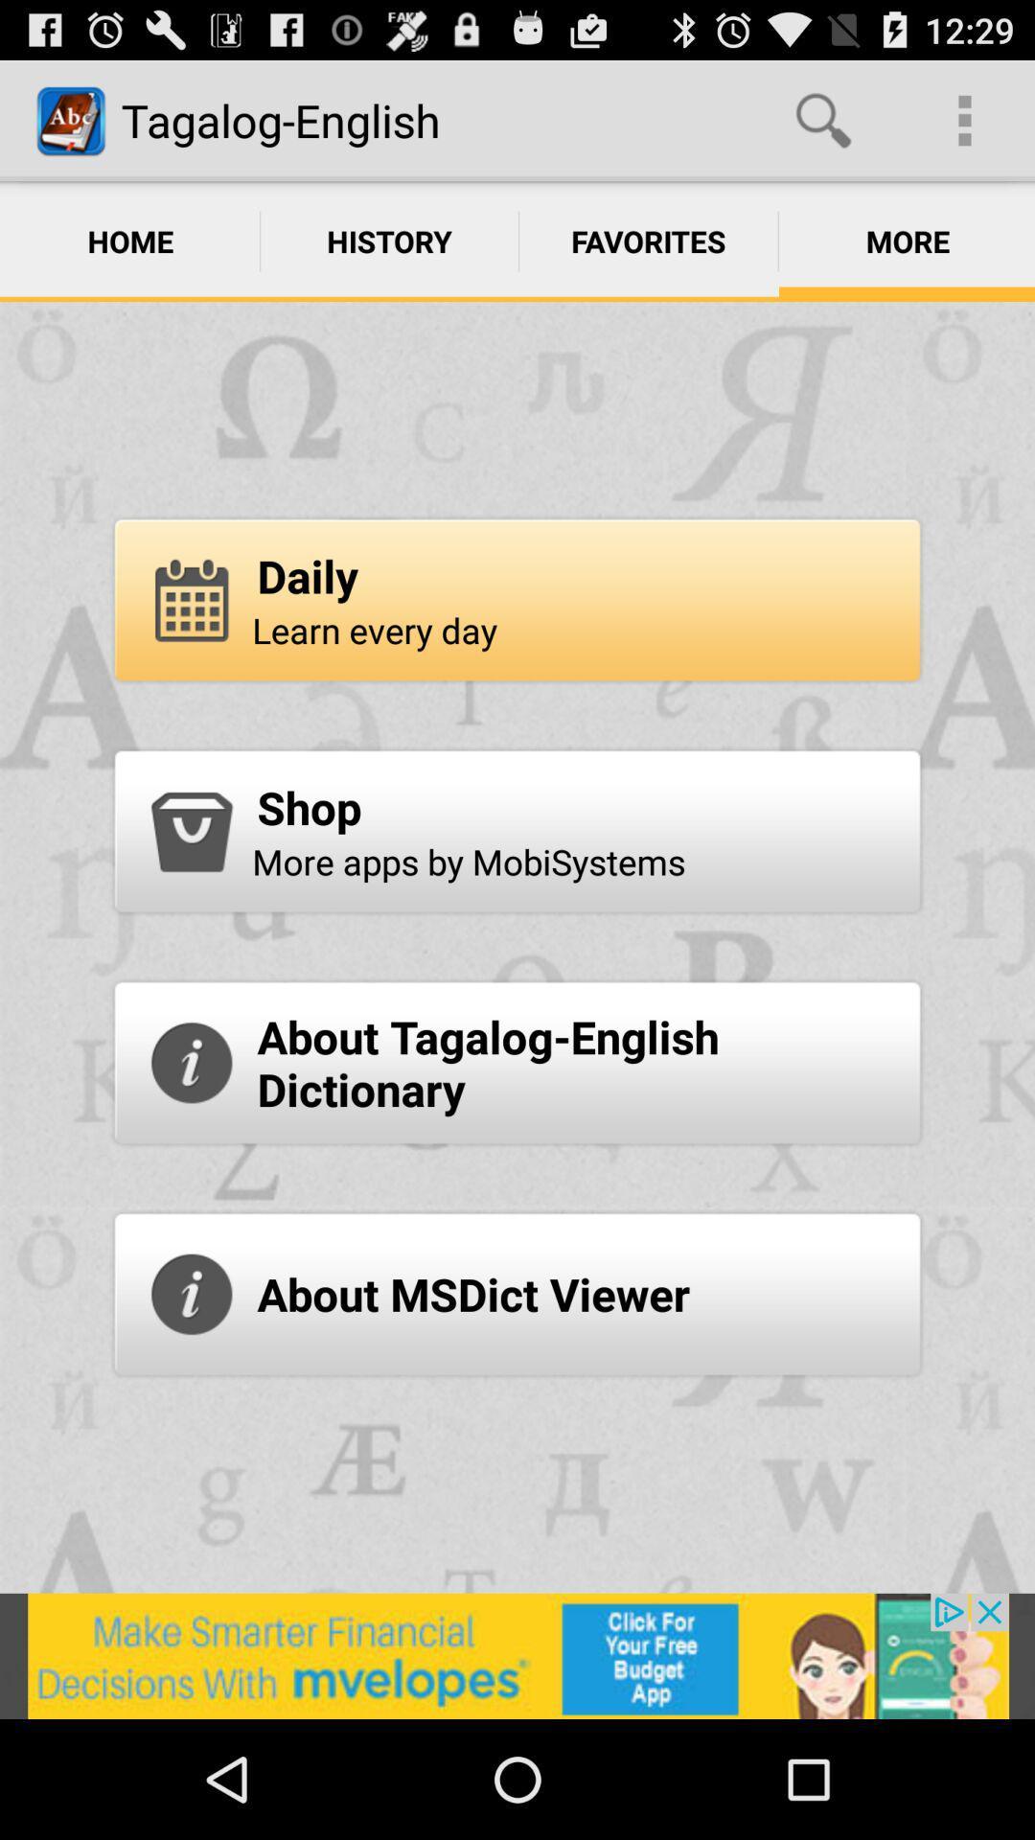 This screenshot has width=1035, height=1840. Describe the element at coordinates (192, 832) in the screenshot. I see `the icon which says shop` at that location.